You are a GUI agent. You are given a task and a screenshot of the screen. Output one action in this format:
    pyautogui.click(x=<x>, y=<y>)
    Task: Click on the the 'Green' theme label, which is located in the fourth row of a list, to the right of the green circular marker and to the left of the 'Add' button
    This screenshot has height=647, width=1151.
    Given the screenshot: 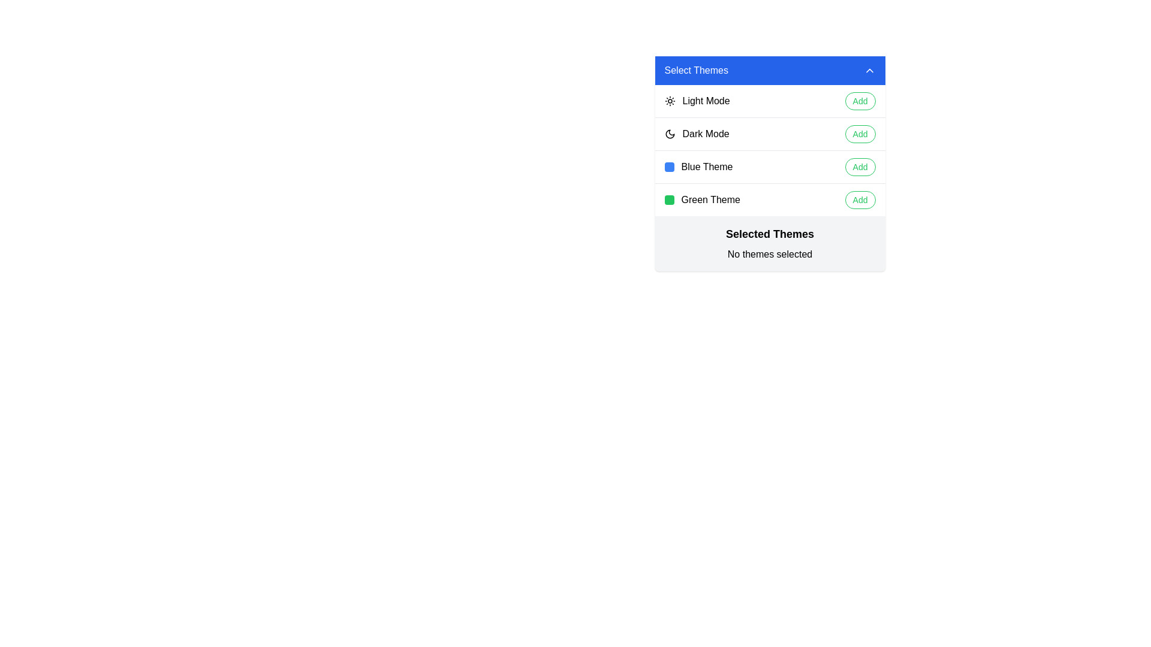 What is the action you would take?
    pyautogui.click(x=710, y=199)
    